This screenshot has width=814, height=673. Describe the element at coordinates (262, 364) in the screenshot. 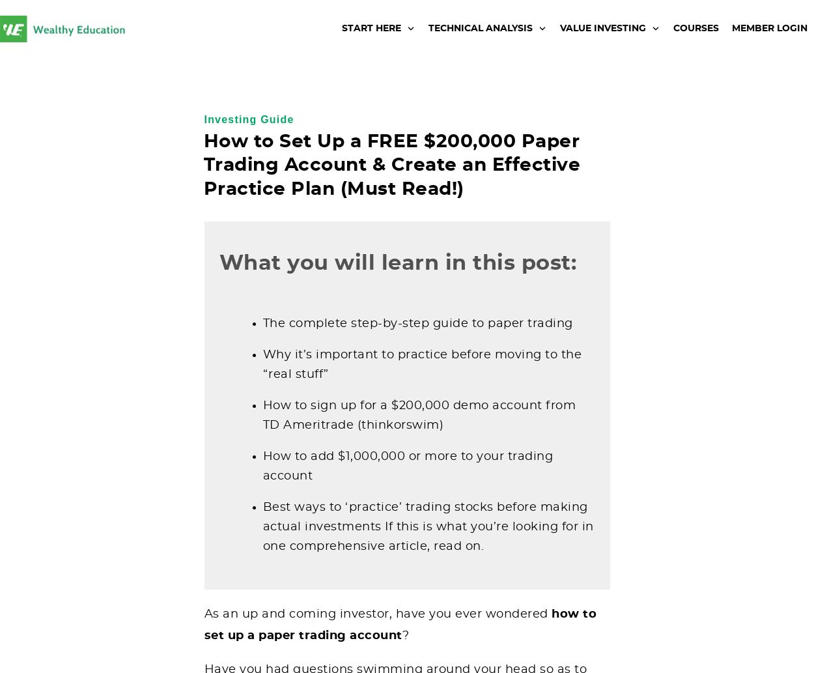

I see `'Why it’s important to practice before moving to the “real stuff”'` at that location.